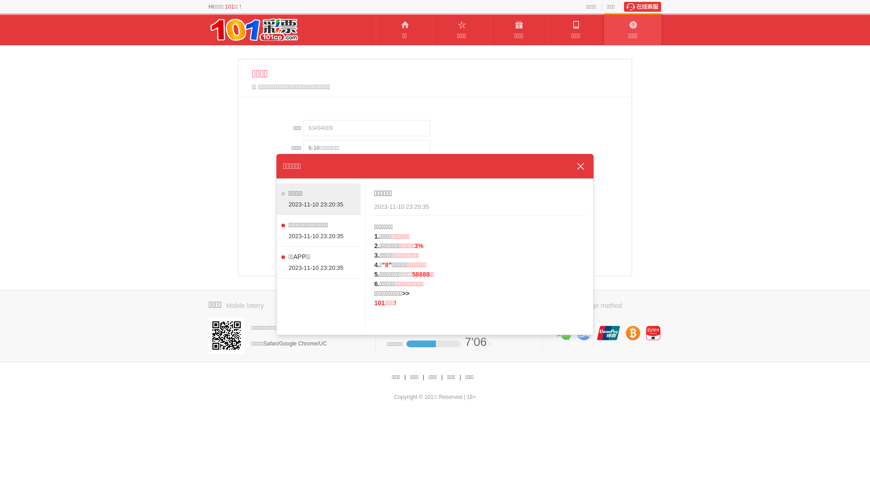  I want to click on '|', so click(404, 377).